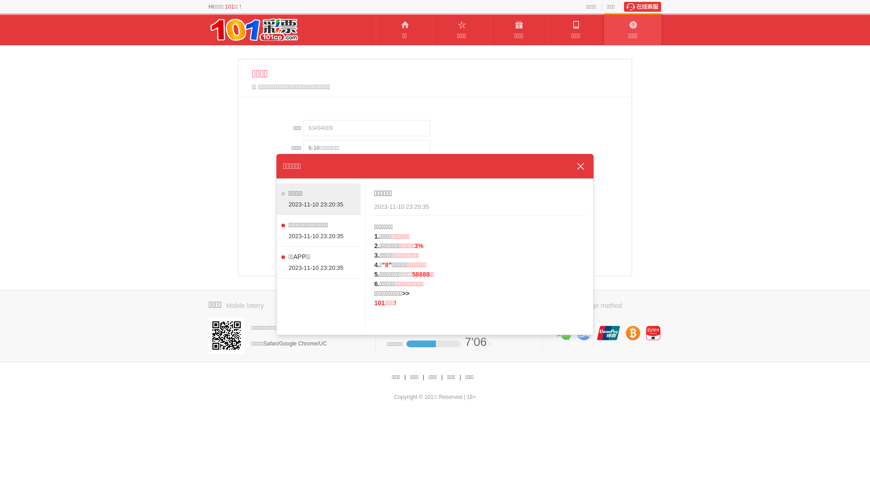  I want to click on '|', so click(404, 377).